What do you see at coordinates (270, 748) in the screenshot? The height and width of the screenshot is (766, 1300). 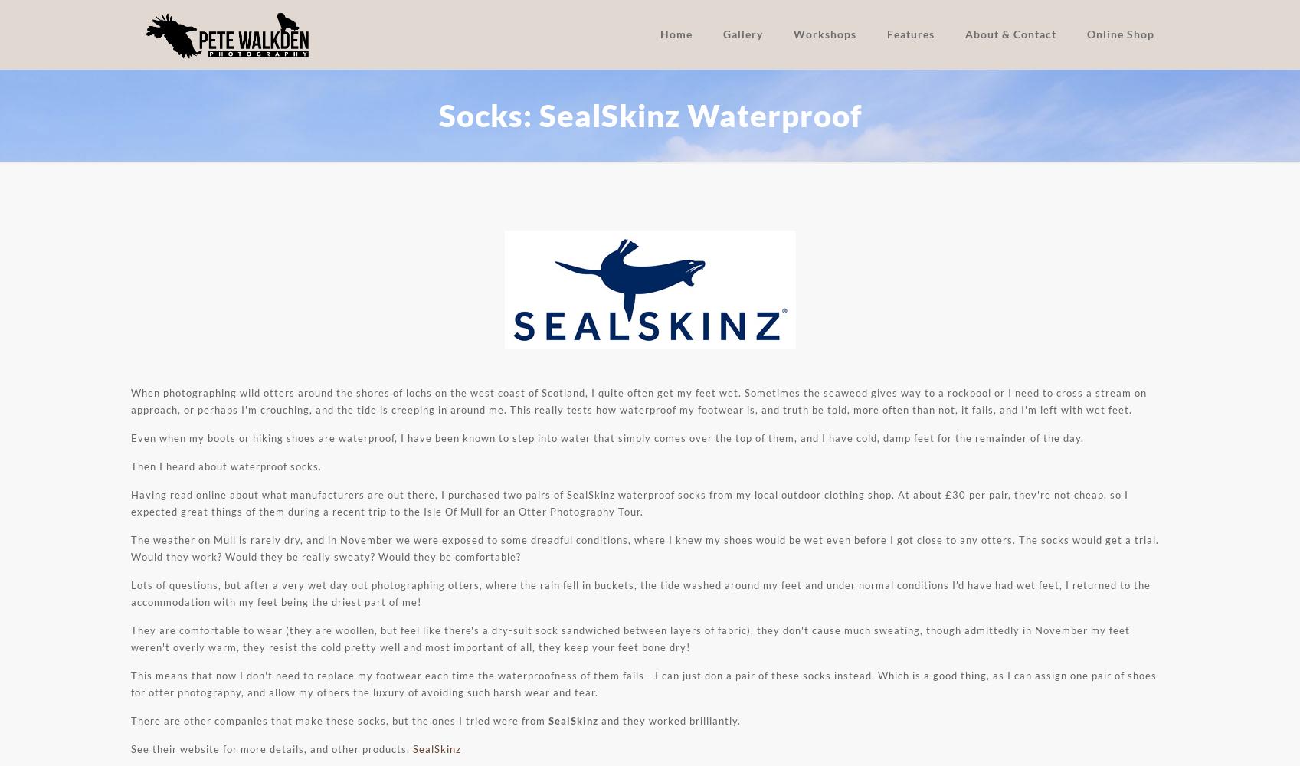 I see `'See their website for more details, and other products.'` at bounding box center [270, 748].